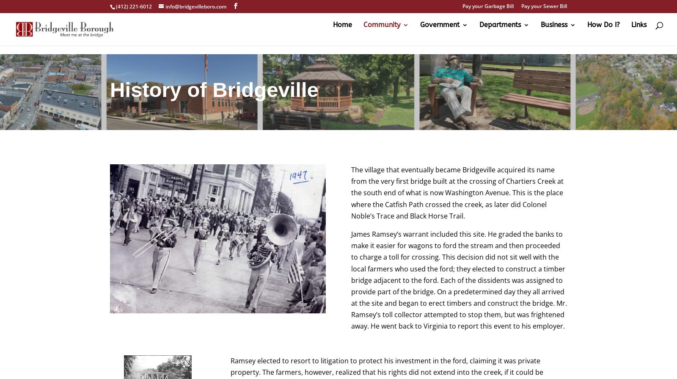 This screenshot has width=677, height=379. Describe the element at coordinates (496, 130) in the screenshot. I see `'Emergency Services'` at that location.